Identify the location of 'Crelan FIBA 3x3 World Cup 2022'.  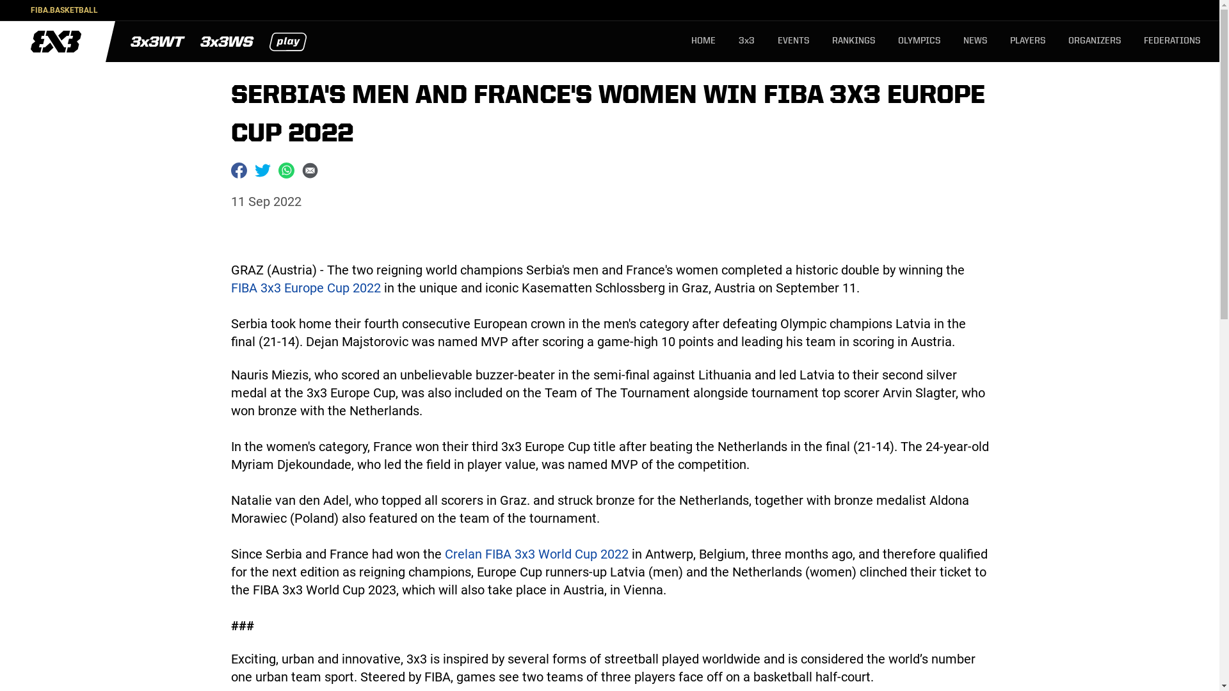
(536, 553).